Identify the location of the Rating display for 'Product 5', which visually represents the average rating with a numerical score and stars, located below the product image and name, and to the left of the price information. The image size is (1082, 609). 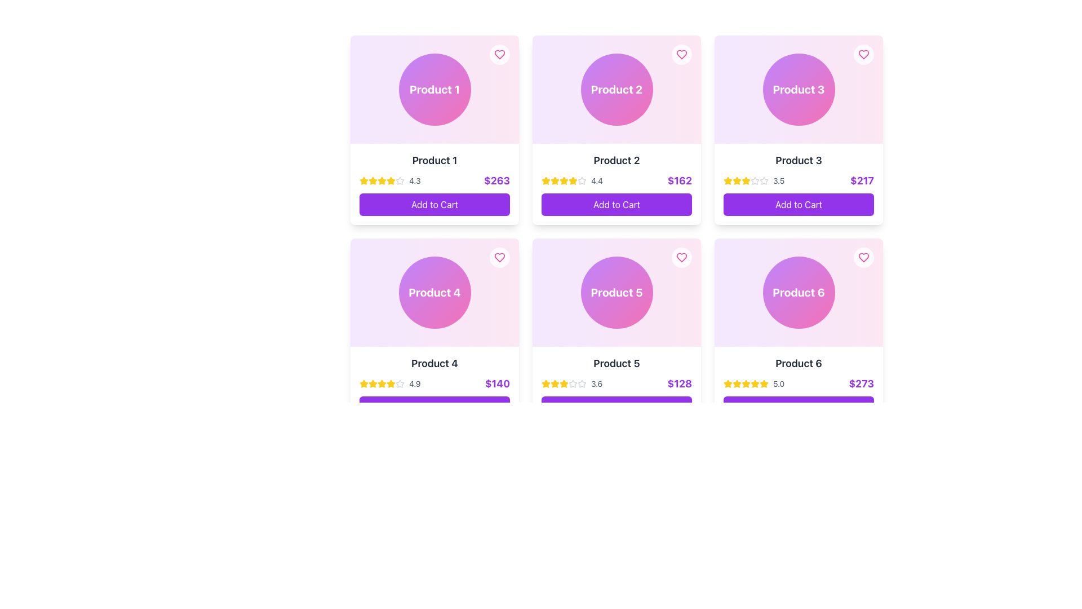
(572, 383).